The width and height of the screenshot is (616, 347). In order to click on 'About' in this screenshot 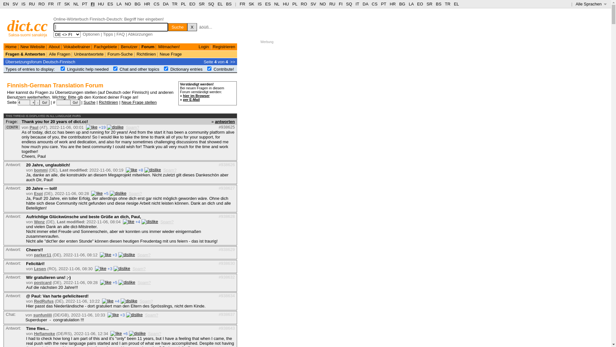, I will do `click(54, 46)`.